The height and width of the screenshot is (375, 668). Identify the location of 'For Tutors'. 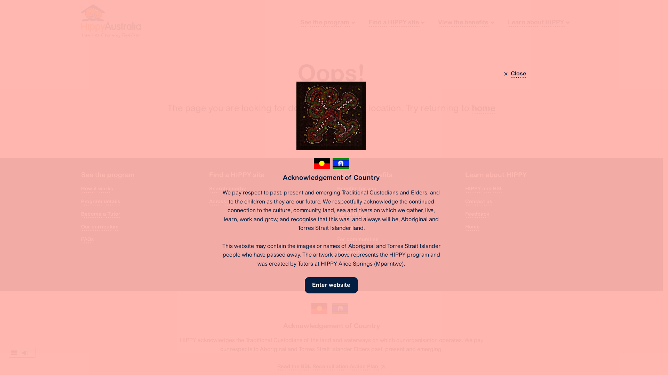
(337, 227).